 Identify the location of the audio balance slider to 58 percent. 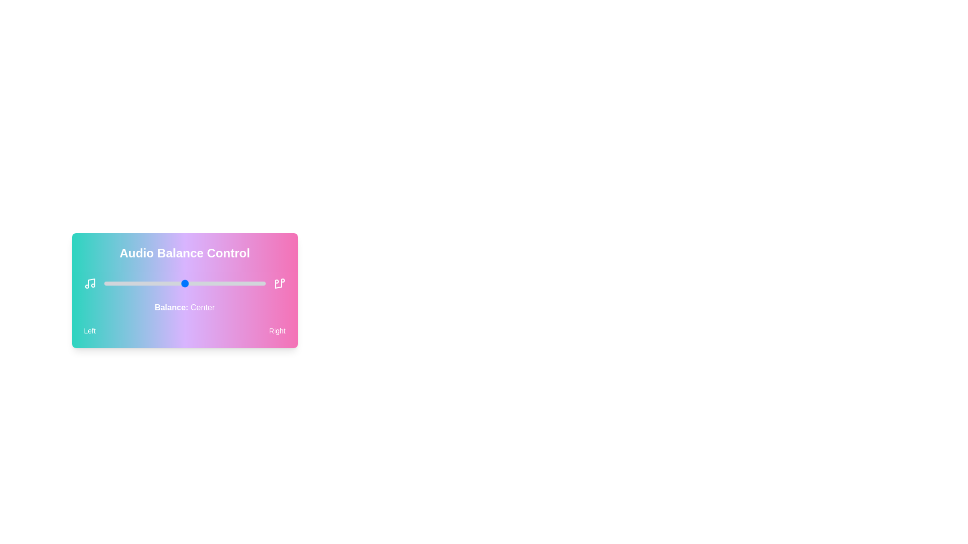
(198, 284).